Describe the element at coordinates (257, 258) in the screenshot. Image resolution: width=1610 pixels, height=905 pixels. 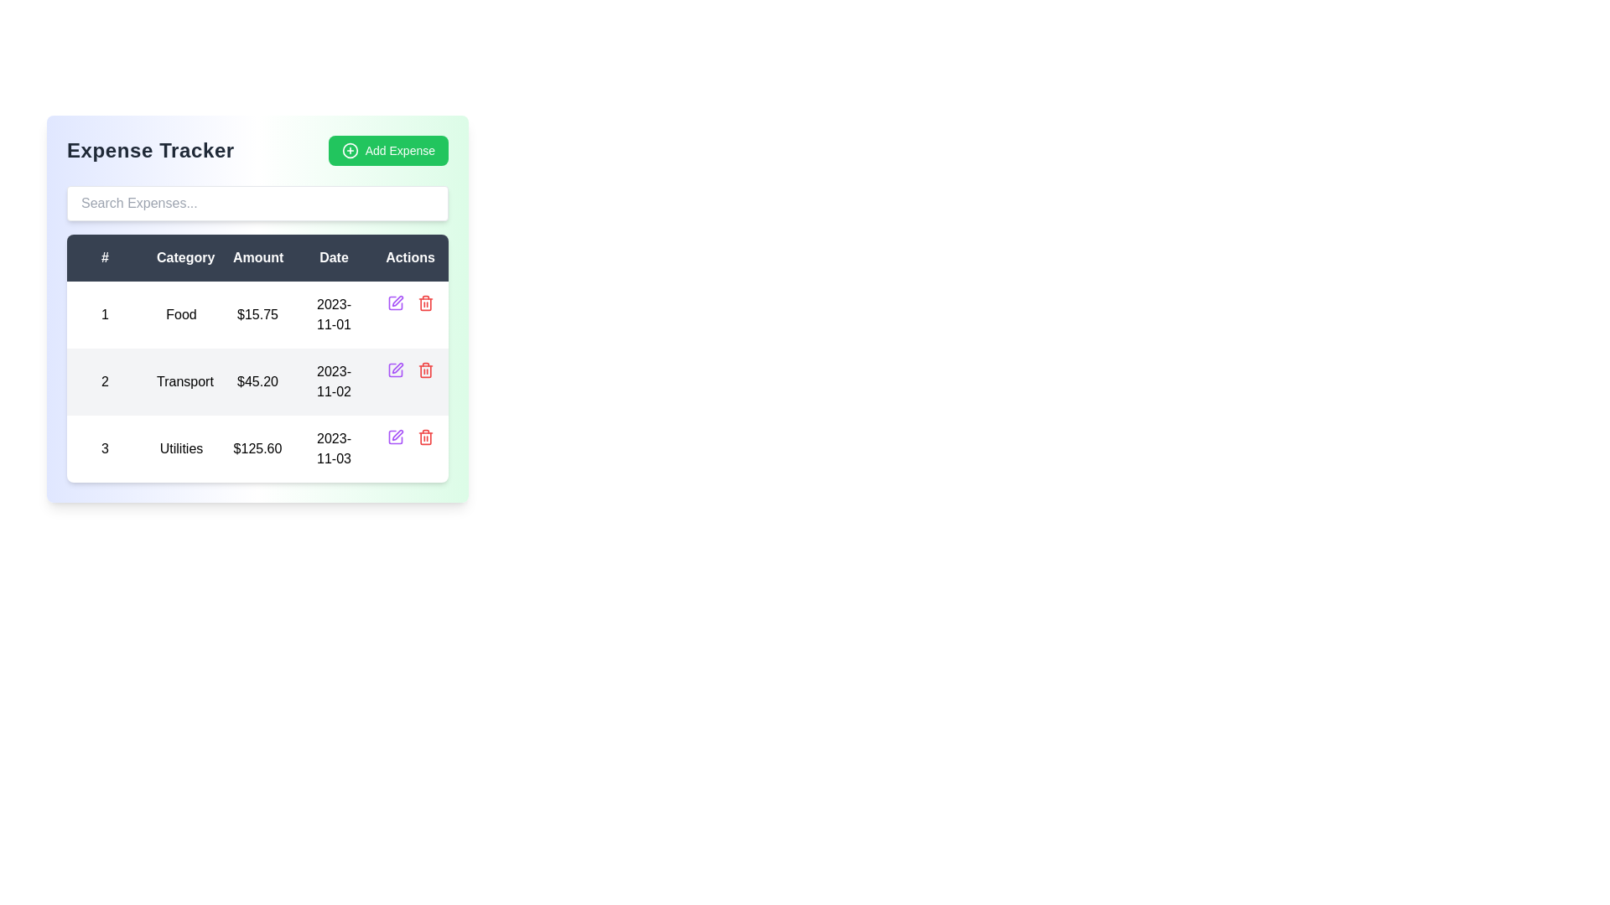
I see `the 'Amount' text label, which is the third column header in the table header row, styled in white font on a dark background` at that location.